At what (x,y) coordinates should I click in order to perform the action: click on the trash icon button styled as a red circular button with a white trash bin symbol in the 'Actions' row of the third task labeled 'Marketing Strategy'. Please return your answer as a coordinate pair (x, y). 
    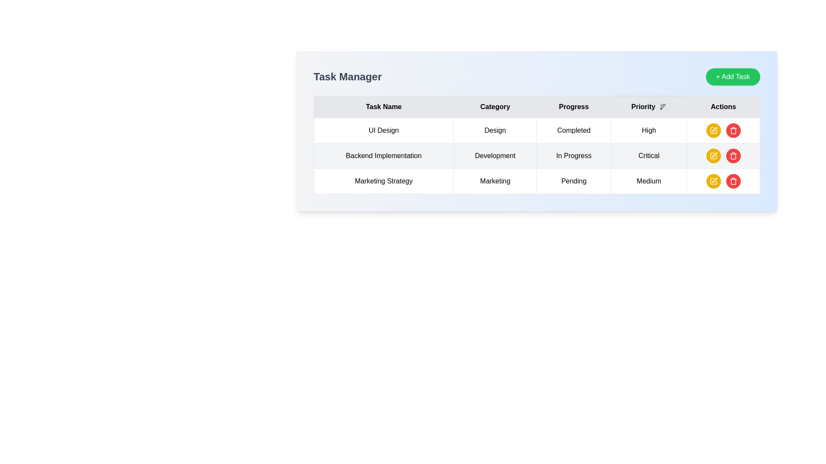
    Looking at the image, I should click on (733, 131).